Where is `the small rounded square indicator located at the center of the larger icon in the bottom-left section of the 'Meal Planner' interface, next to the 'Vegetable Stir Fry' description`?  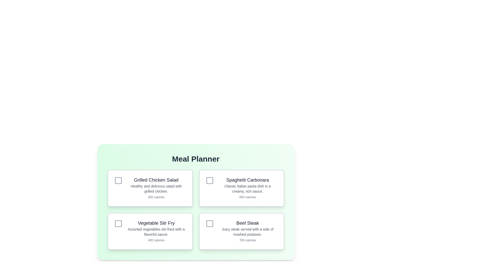
the small rounded square indicator located at the center of the larger icon in the bottom-left section of the 'Meal Planner' interface, next to the 'Vegetable Stir Fry' description is located at coordinates (118, 223).